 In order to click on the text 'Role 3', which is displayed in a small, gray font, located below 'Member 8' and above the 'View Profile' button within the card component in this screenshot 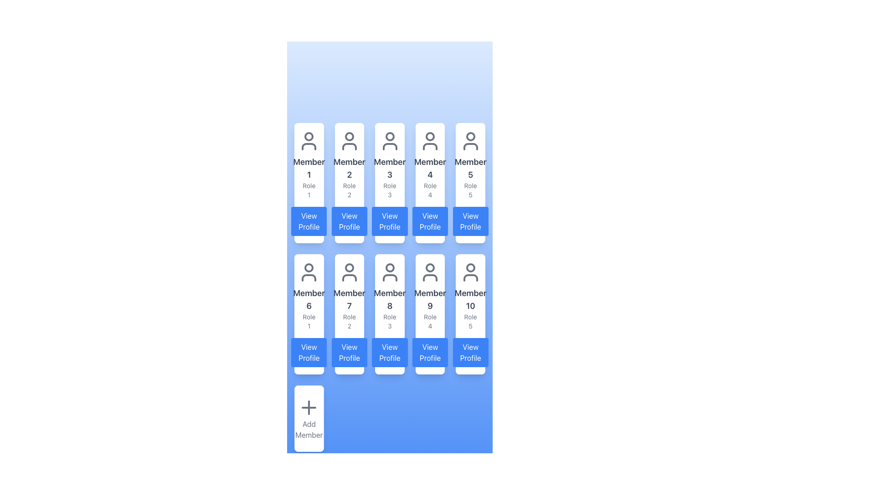, I will do `click(390, 321)`.